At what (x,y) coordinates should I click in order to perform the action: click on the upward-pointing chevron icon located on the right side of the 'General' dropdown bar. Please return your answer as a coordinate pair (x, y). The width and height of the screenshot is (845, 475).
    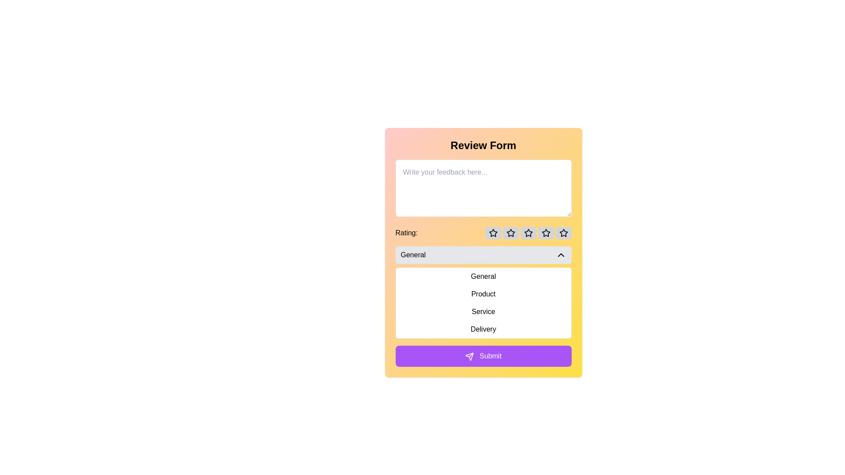
    Looking at the image, I should click on (560, 255).